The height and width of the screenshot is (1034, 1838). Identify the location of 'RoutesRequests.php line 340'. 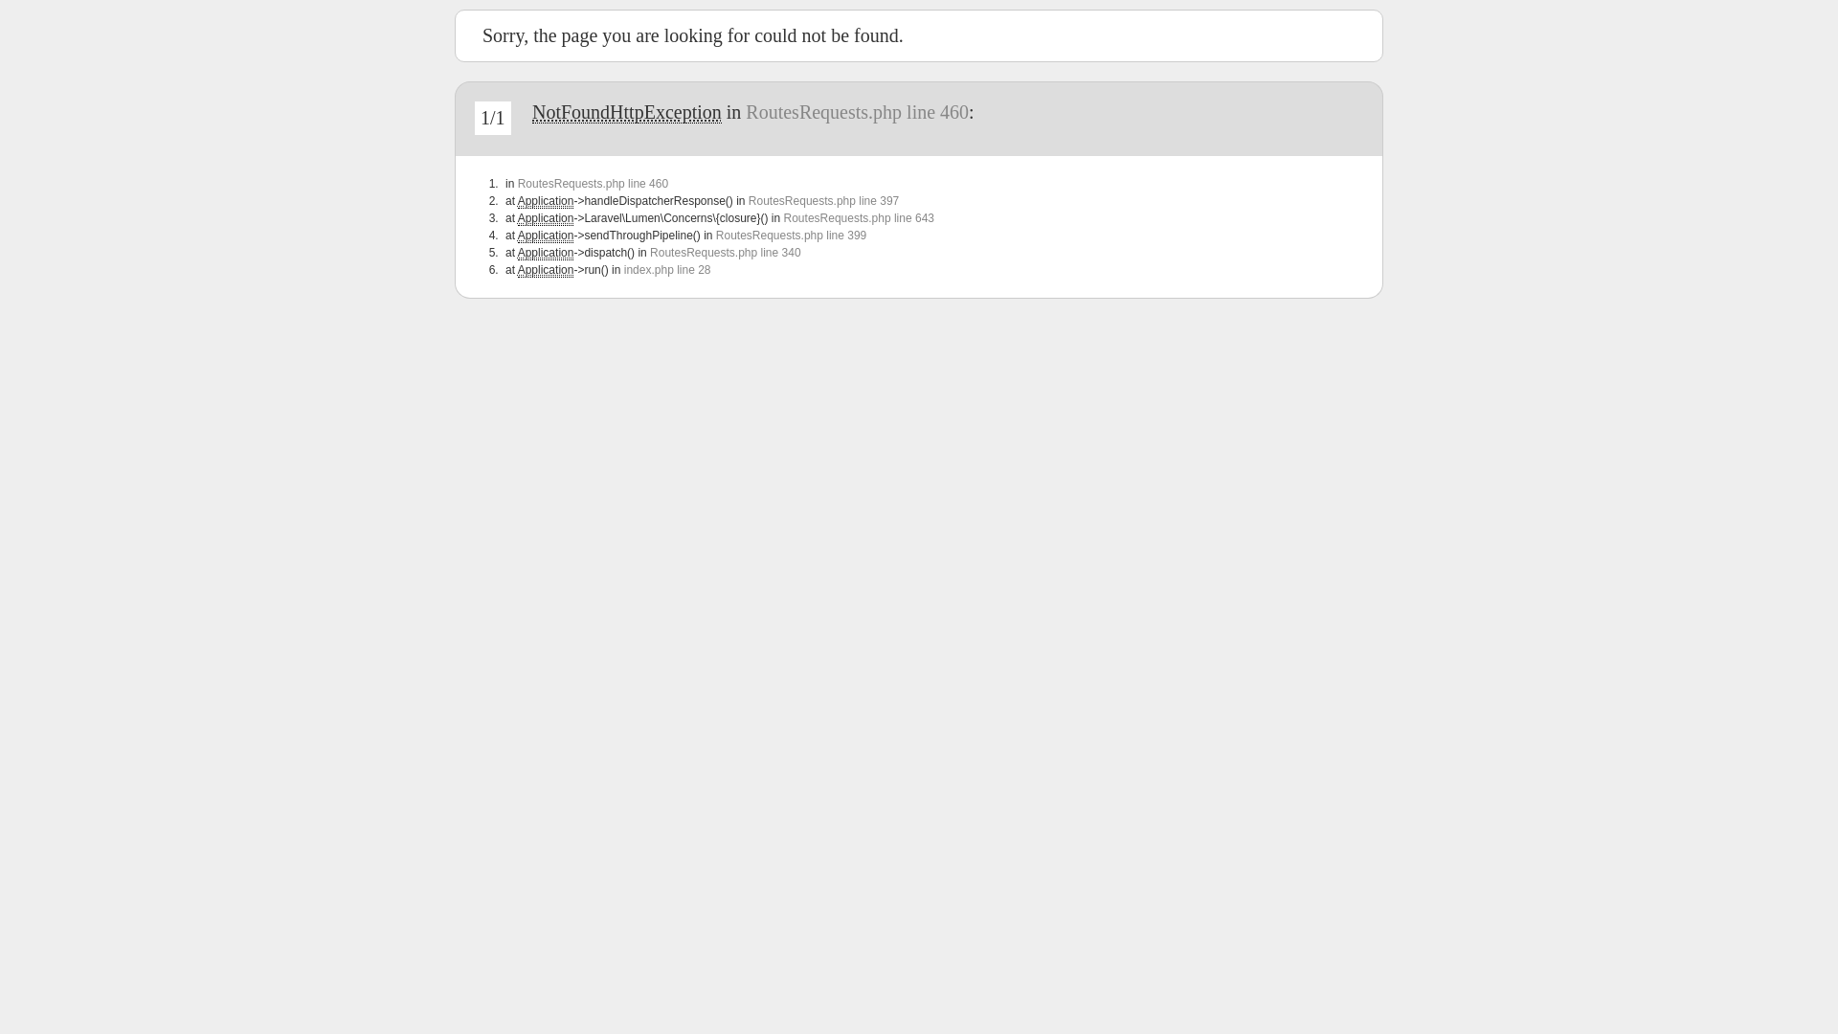
(724, 251).